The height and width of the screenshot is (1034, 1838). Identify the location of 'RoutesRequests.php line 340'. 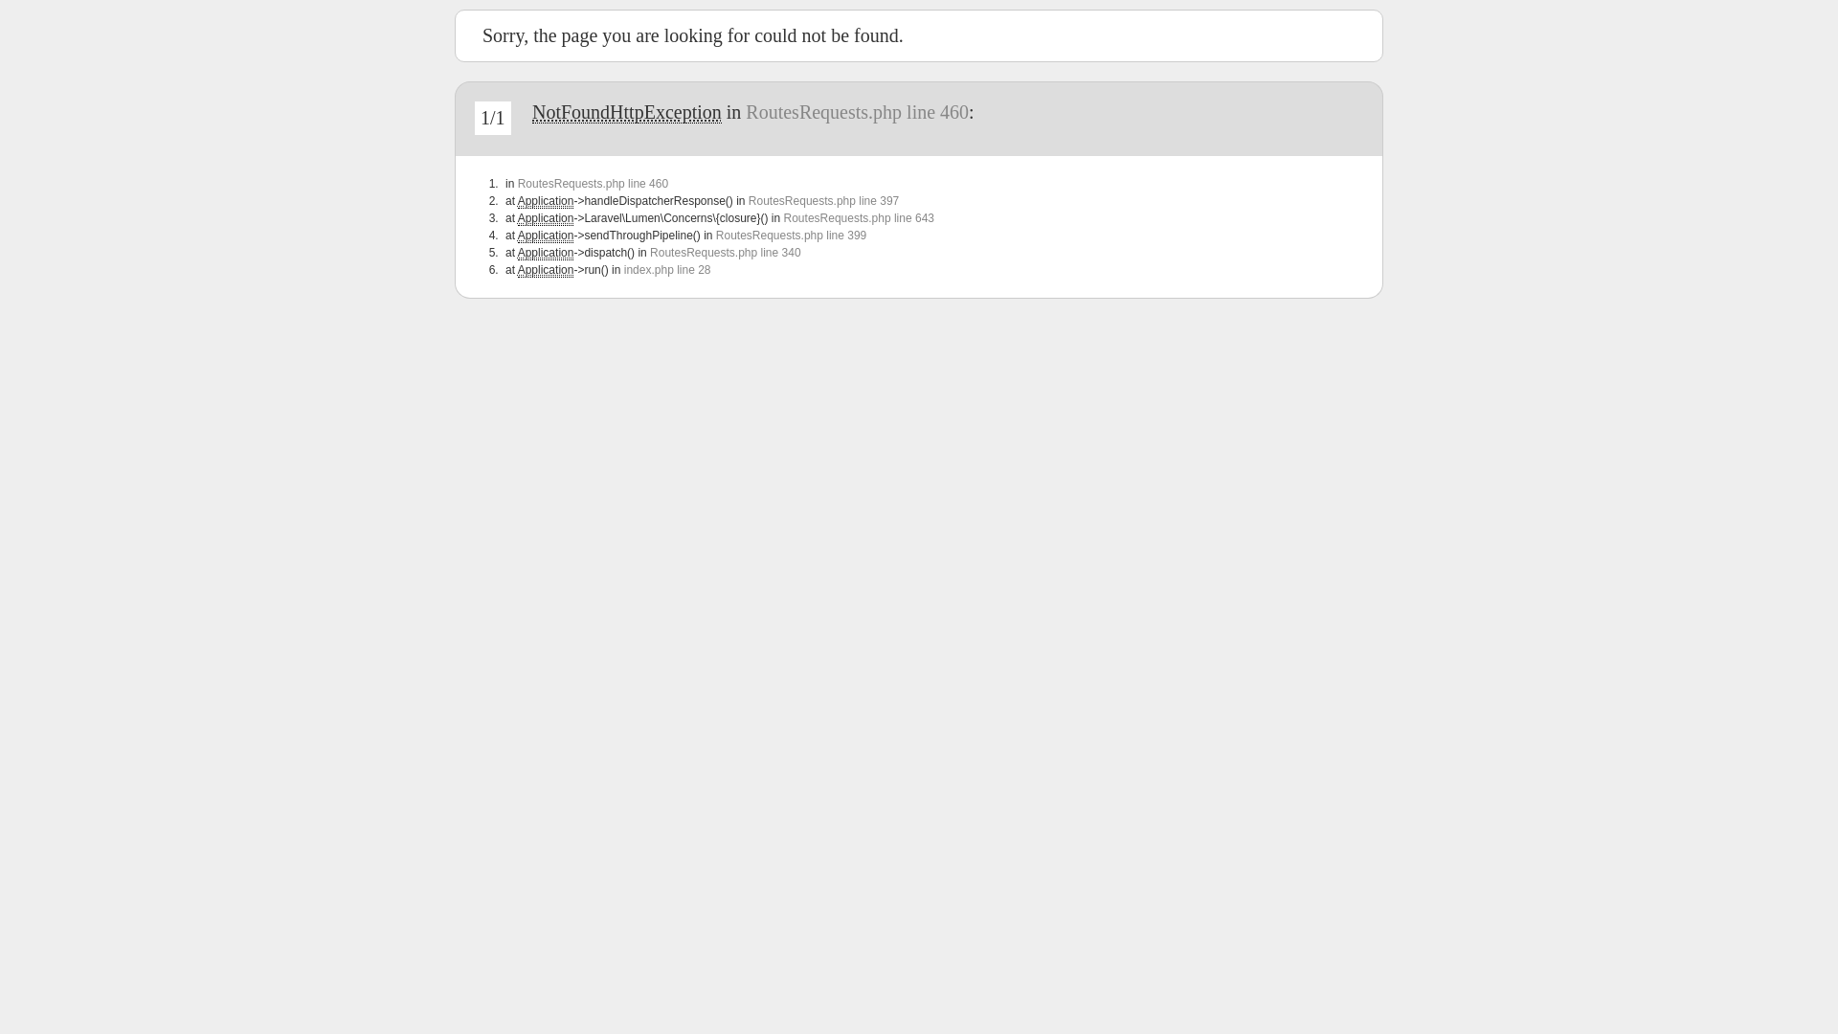
(724, 251).